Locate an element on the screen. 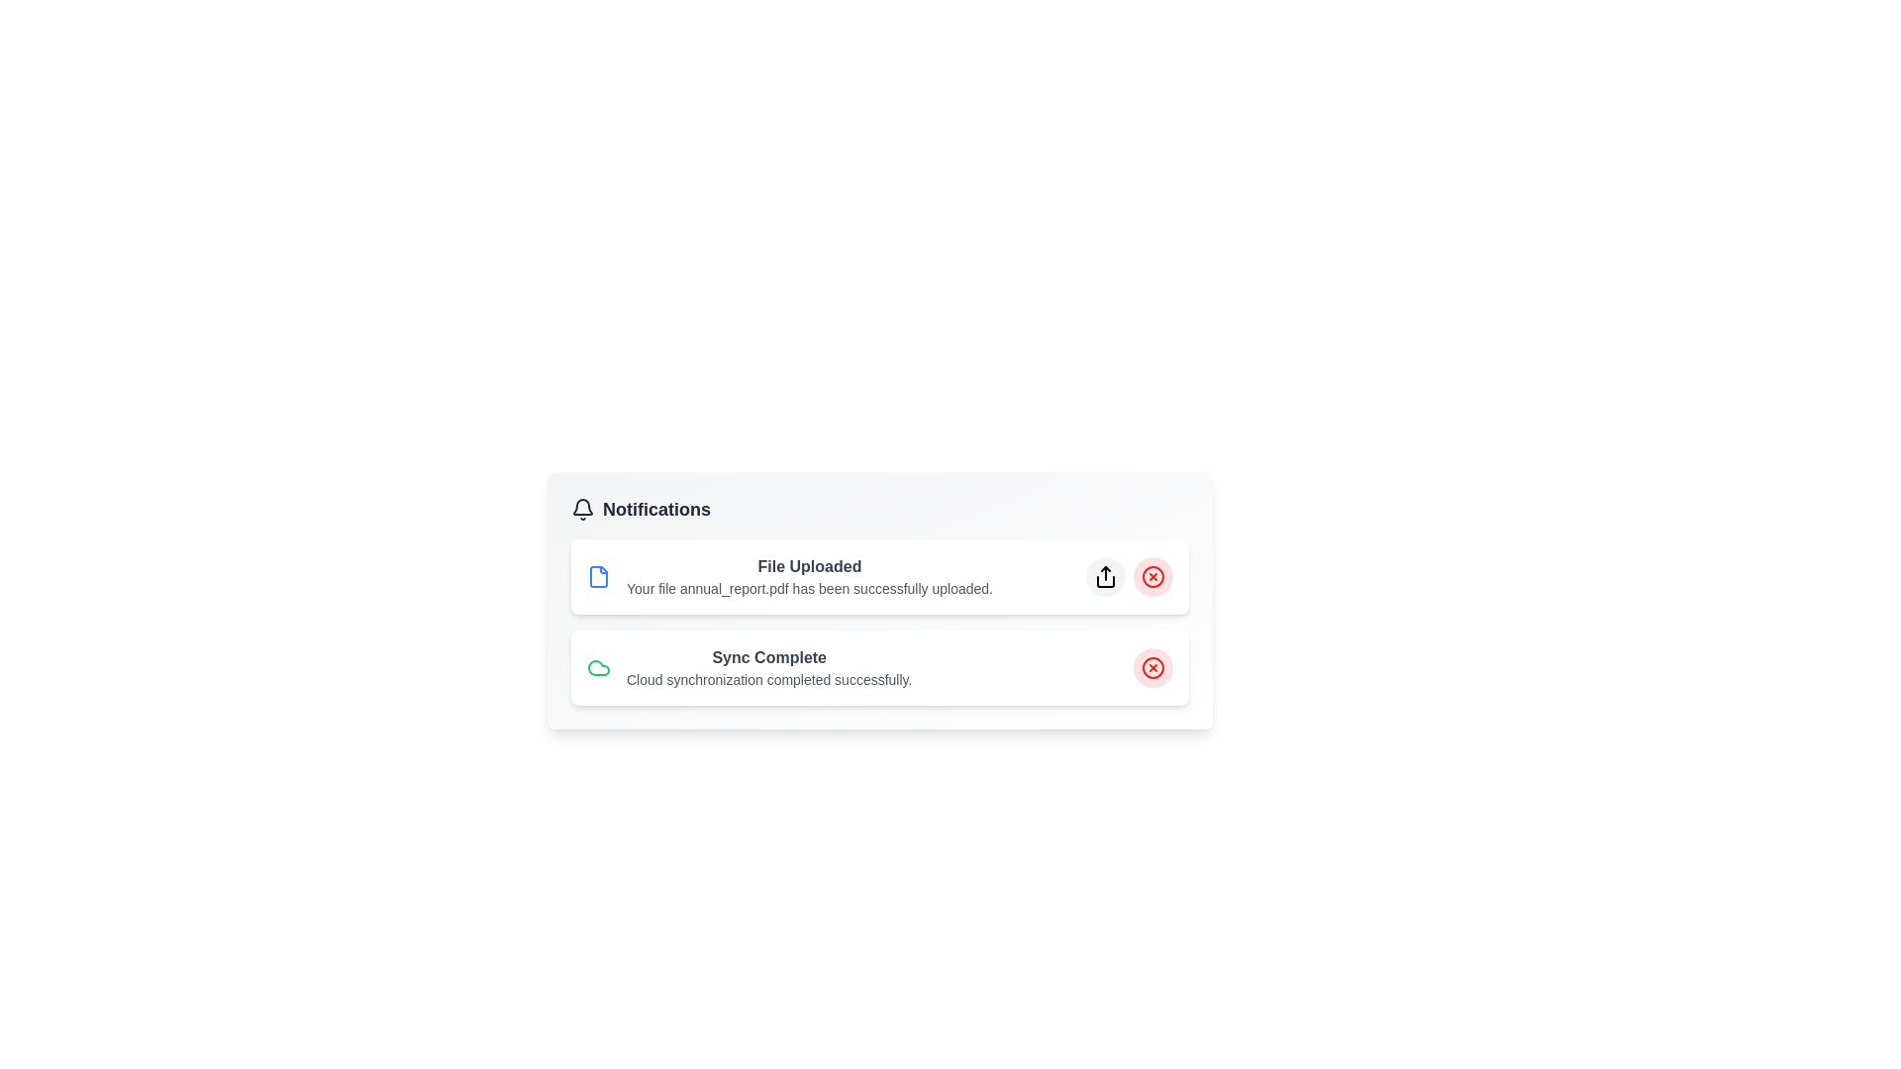 The height and width of the screenshot is (1069, 1901). the center dot of the circular icon related is located at coordinates (1153, 668).